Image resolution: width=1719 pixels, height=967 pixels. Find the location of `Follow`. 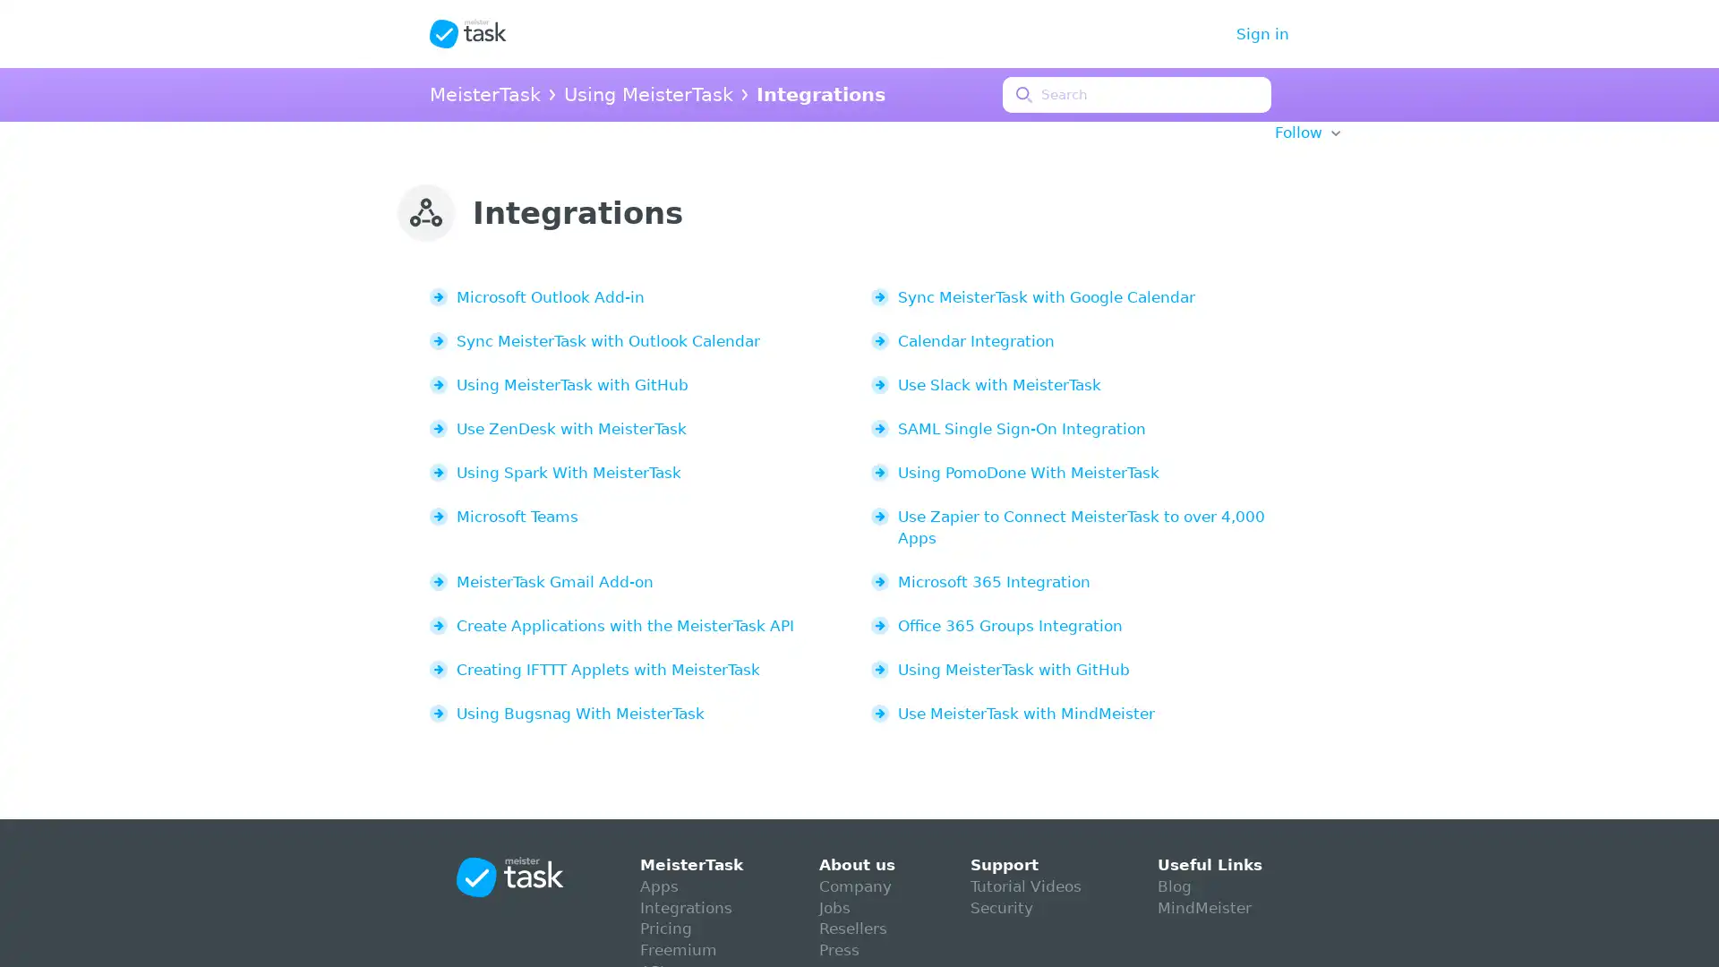

Follow is located at coordinates (1306, 132).